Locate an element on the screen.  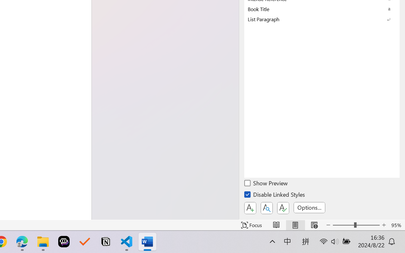
'List Paragraph' is located at coordinates (322, 19).